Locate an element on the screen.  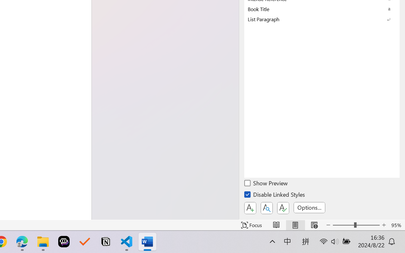
'List Paragraph' is located at coordinates (322, 19).